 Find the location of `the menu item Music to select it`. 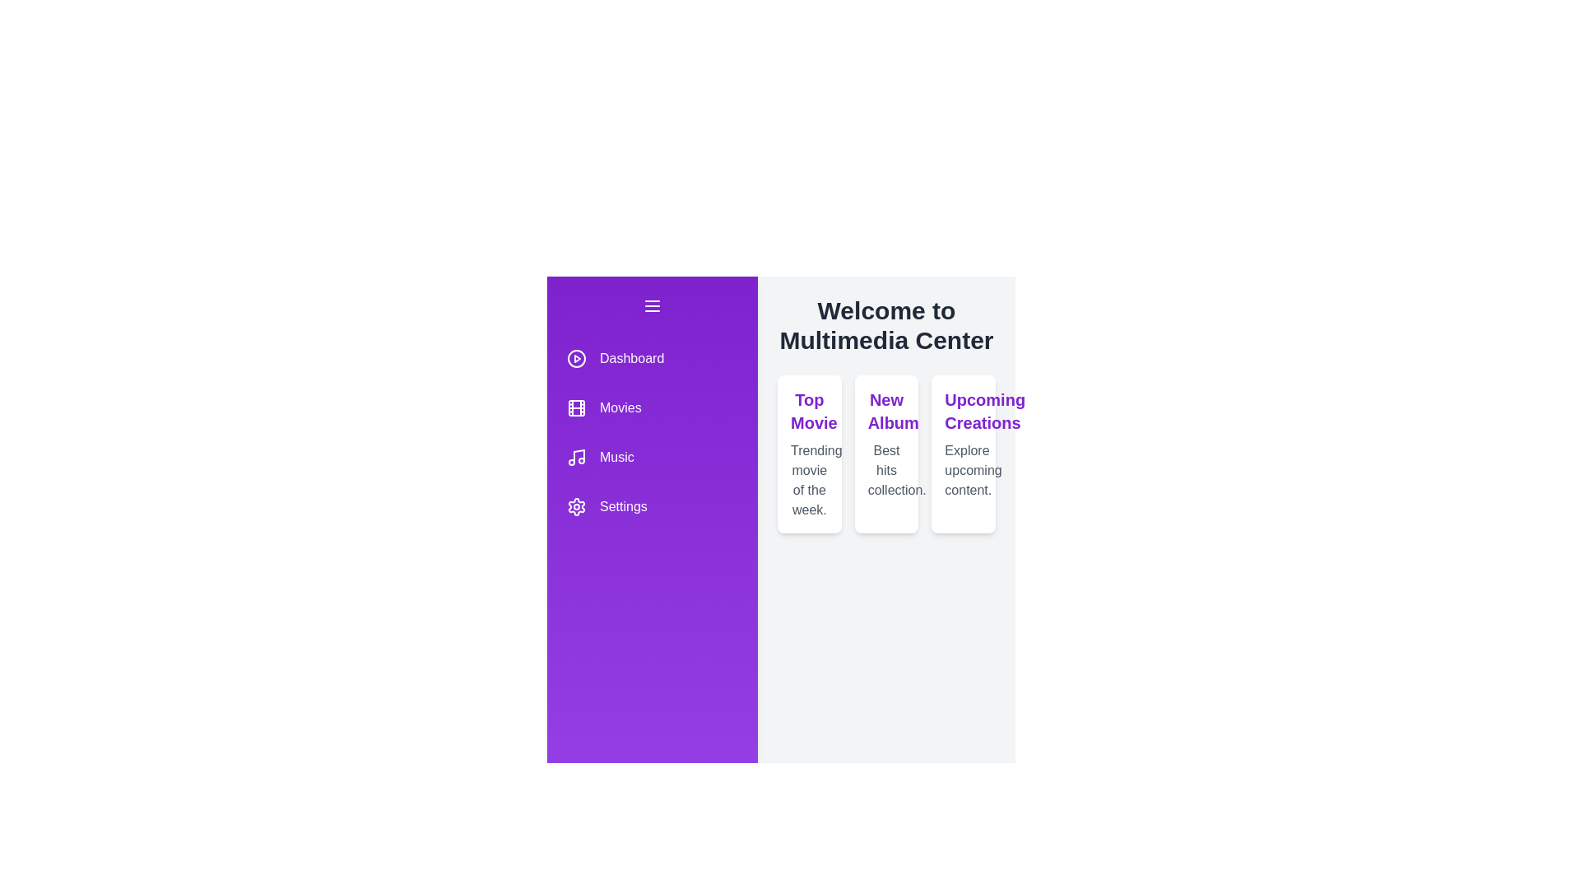

the menu item Music to select it is located at coordinates (651, 457).